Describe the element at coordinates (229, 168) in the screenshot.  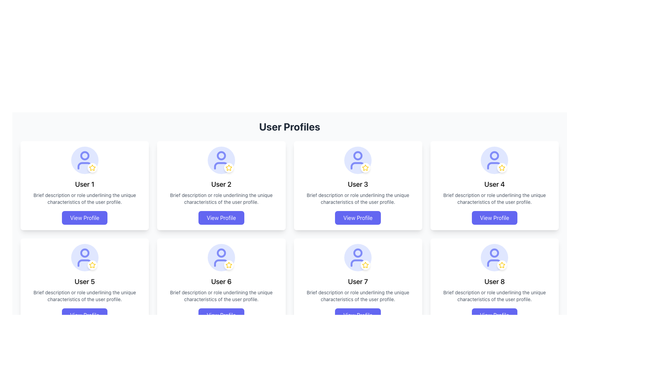
I see `the star-shaped icon with yellow borders and a white background located in the bottom-right corner of User 2's profile card` at that location.